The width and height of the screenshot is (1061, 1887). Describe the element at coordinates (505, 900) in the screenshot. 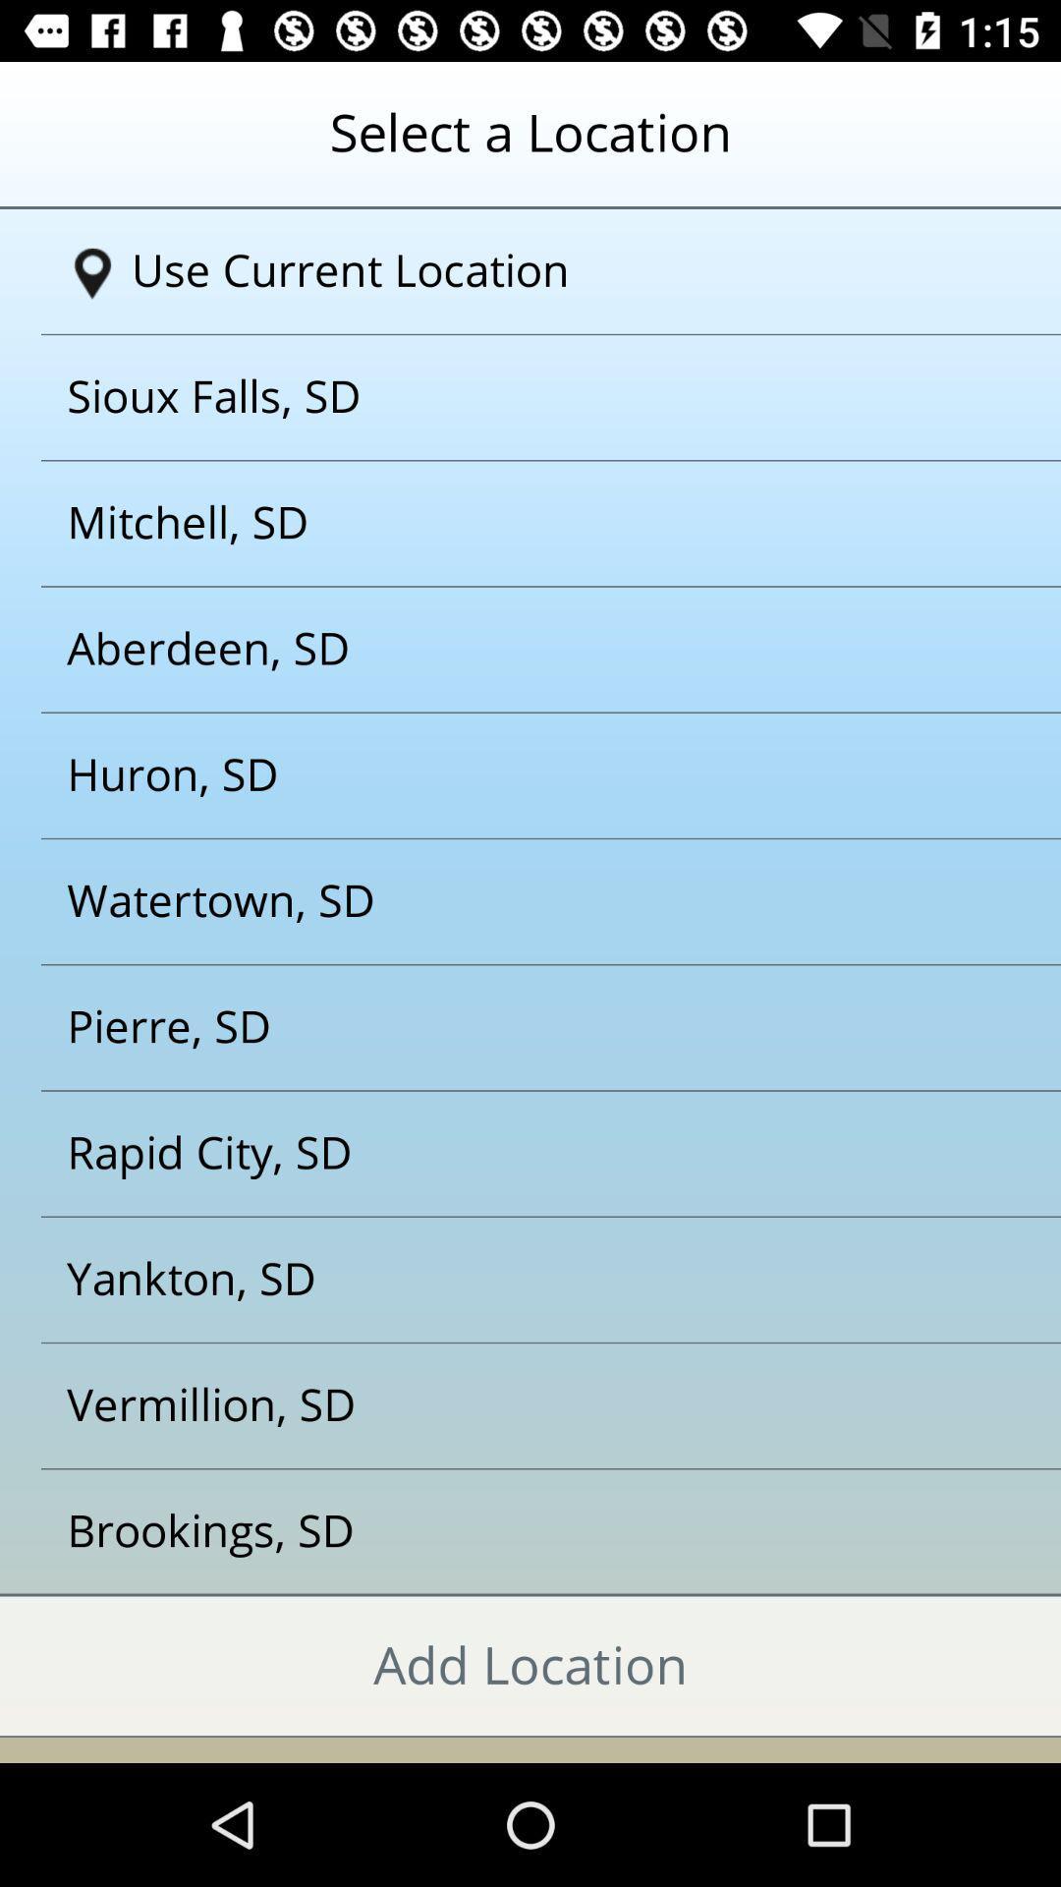

I see `the text which is immediately below huron sd` at that location.